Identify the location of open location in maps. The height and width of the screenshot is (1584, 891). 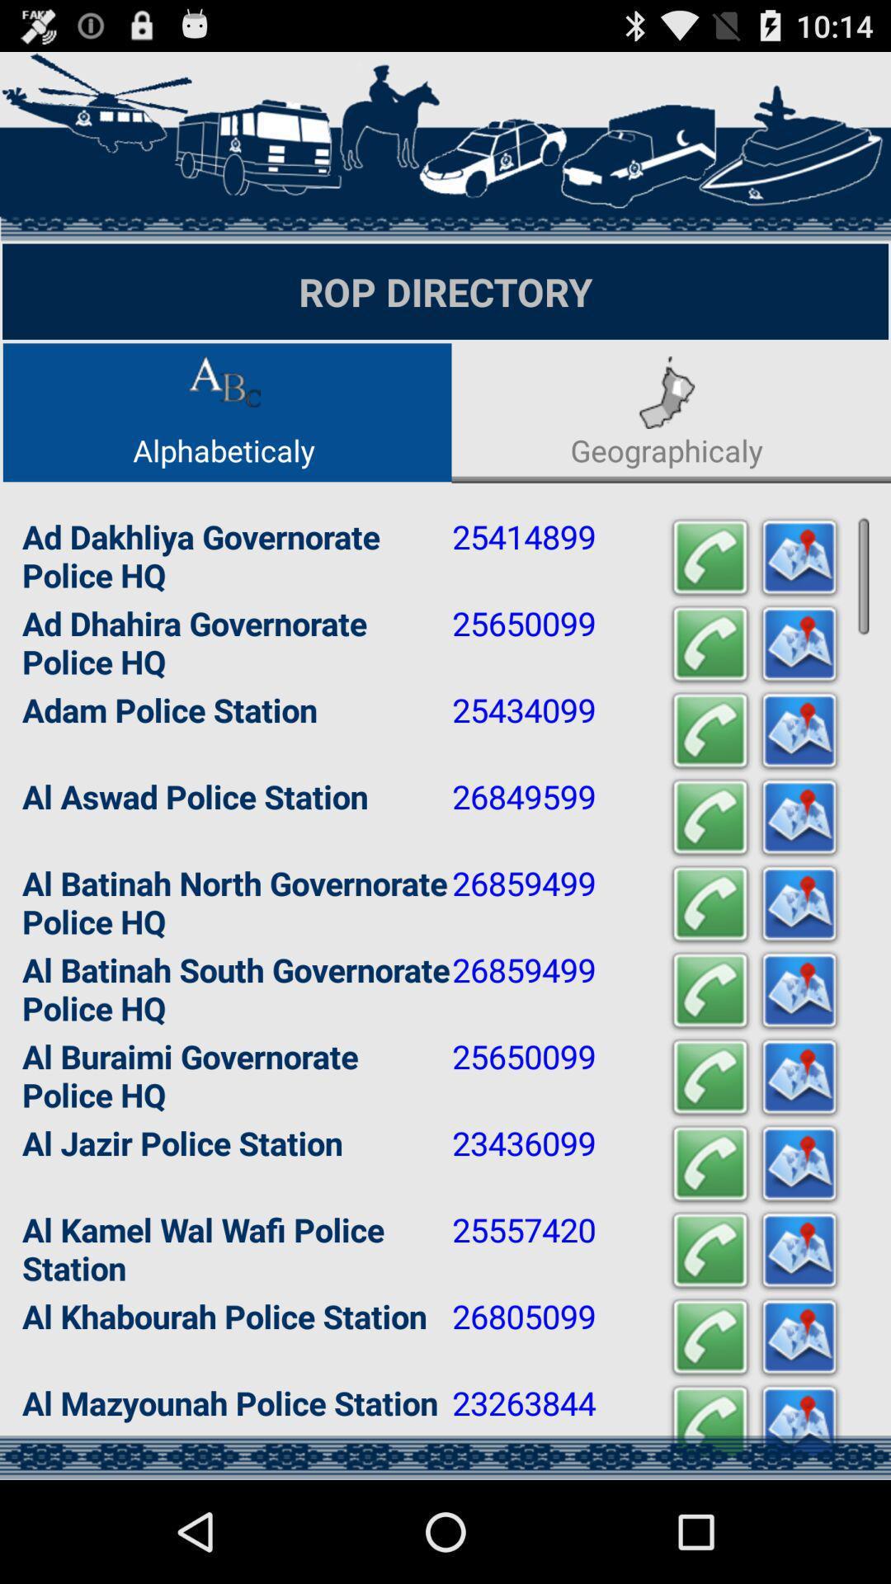
(798, 903).